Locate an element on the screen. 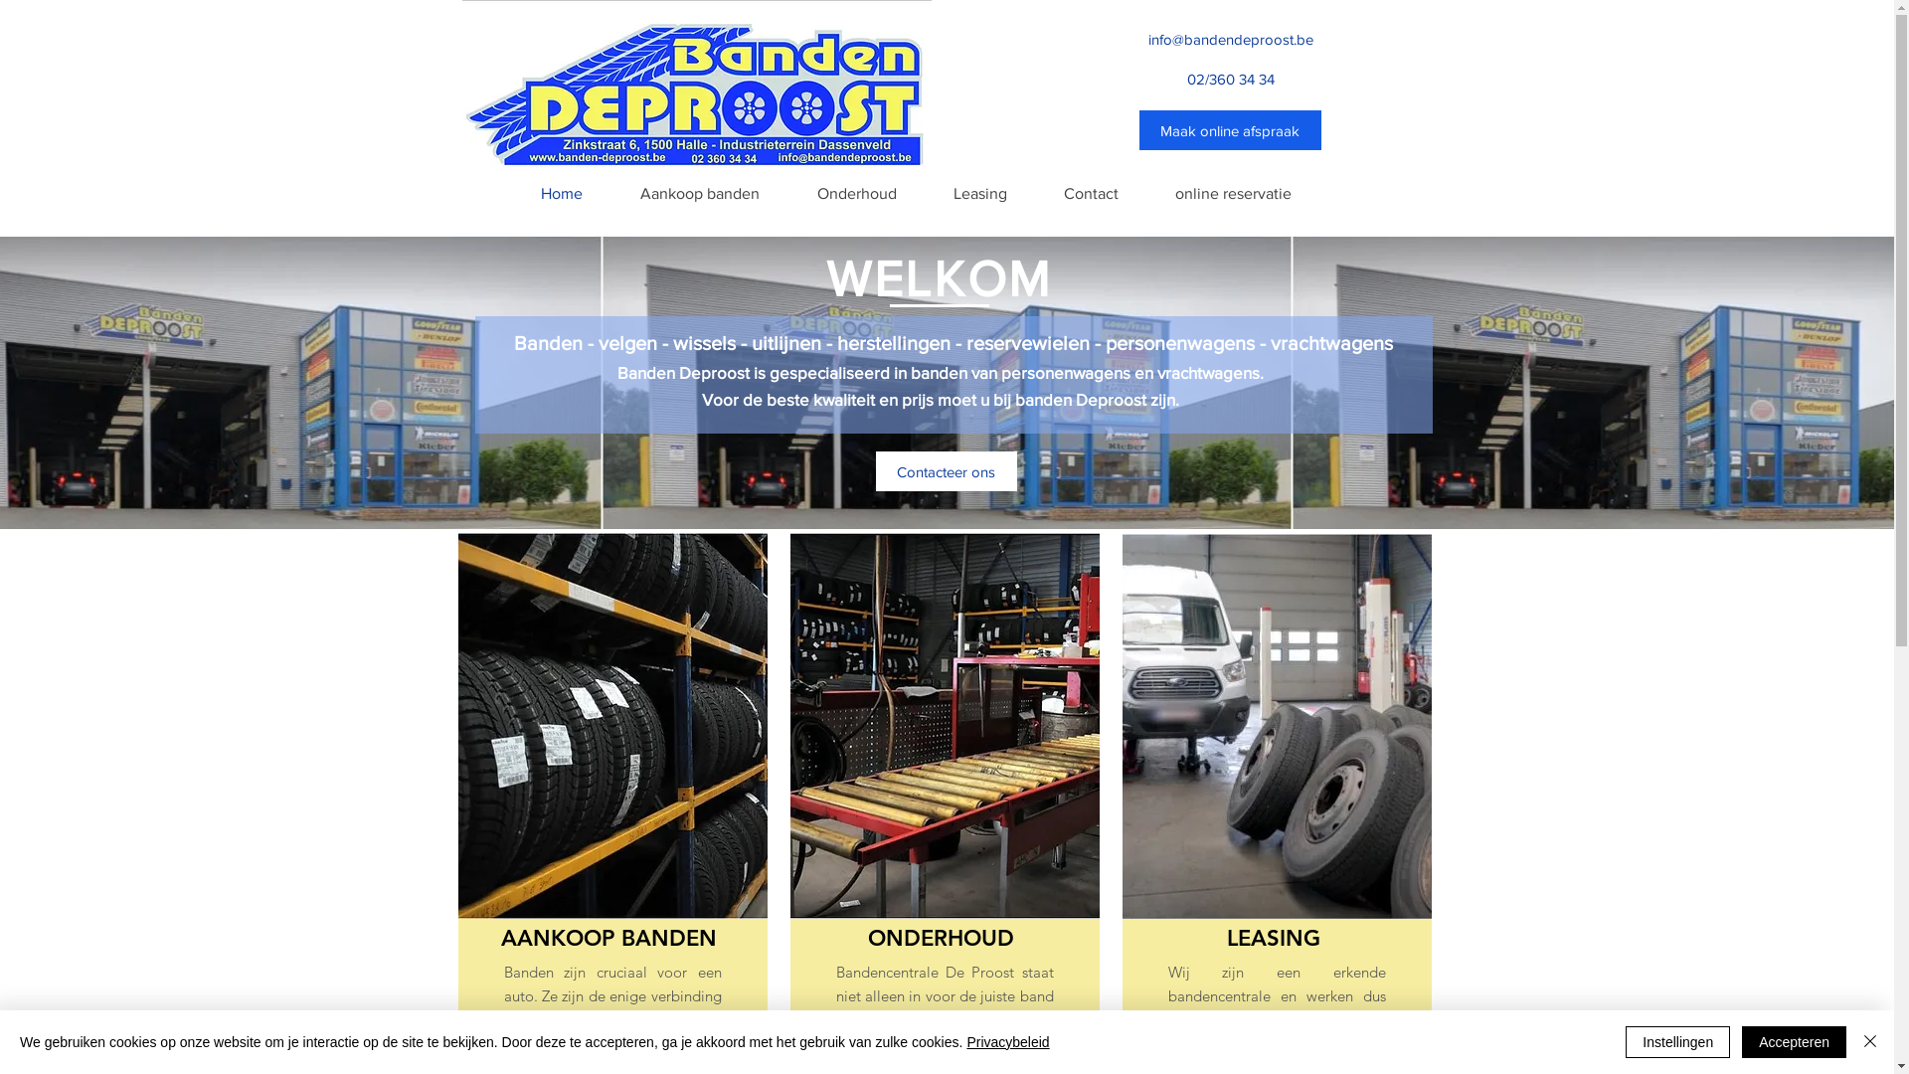 The height and width of the screenshot is (1074, 1909). 'Privacybeleid' is located at coordinates (1007, 1041).